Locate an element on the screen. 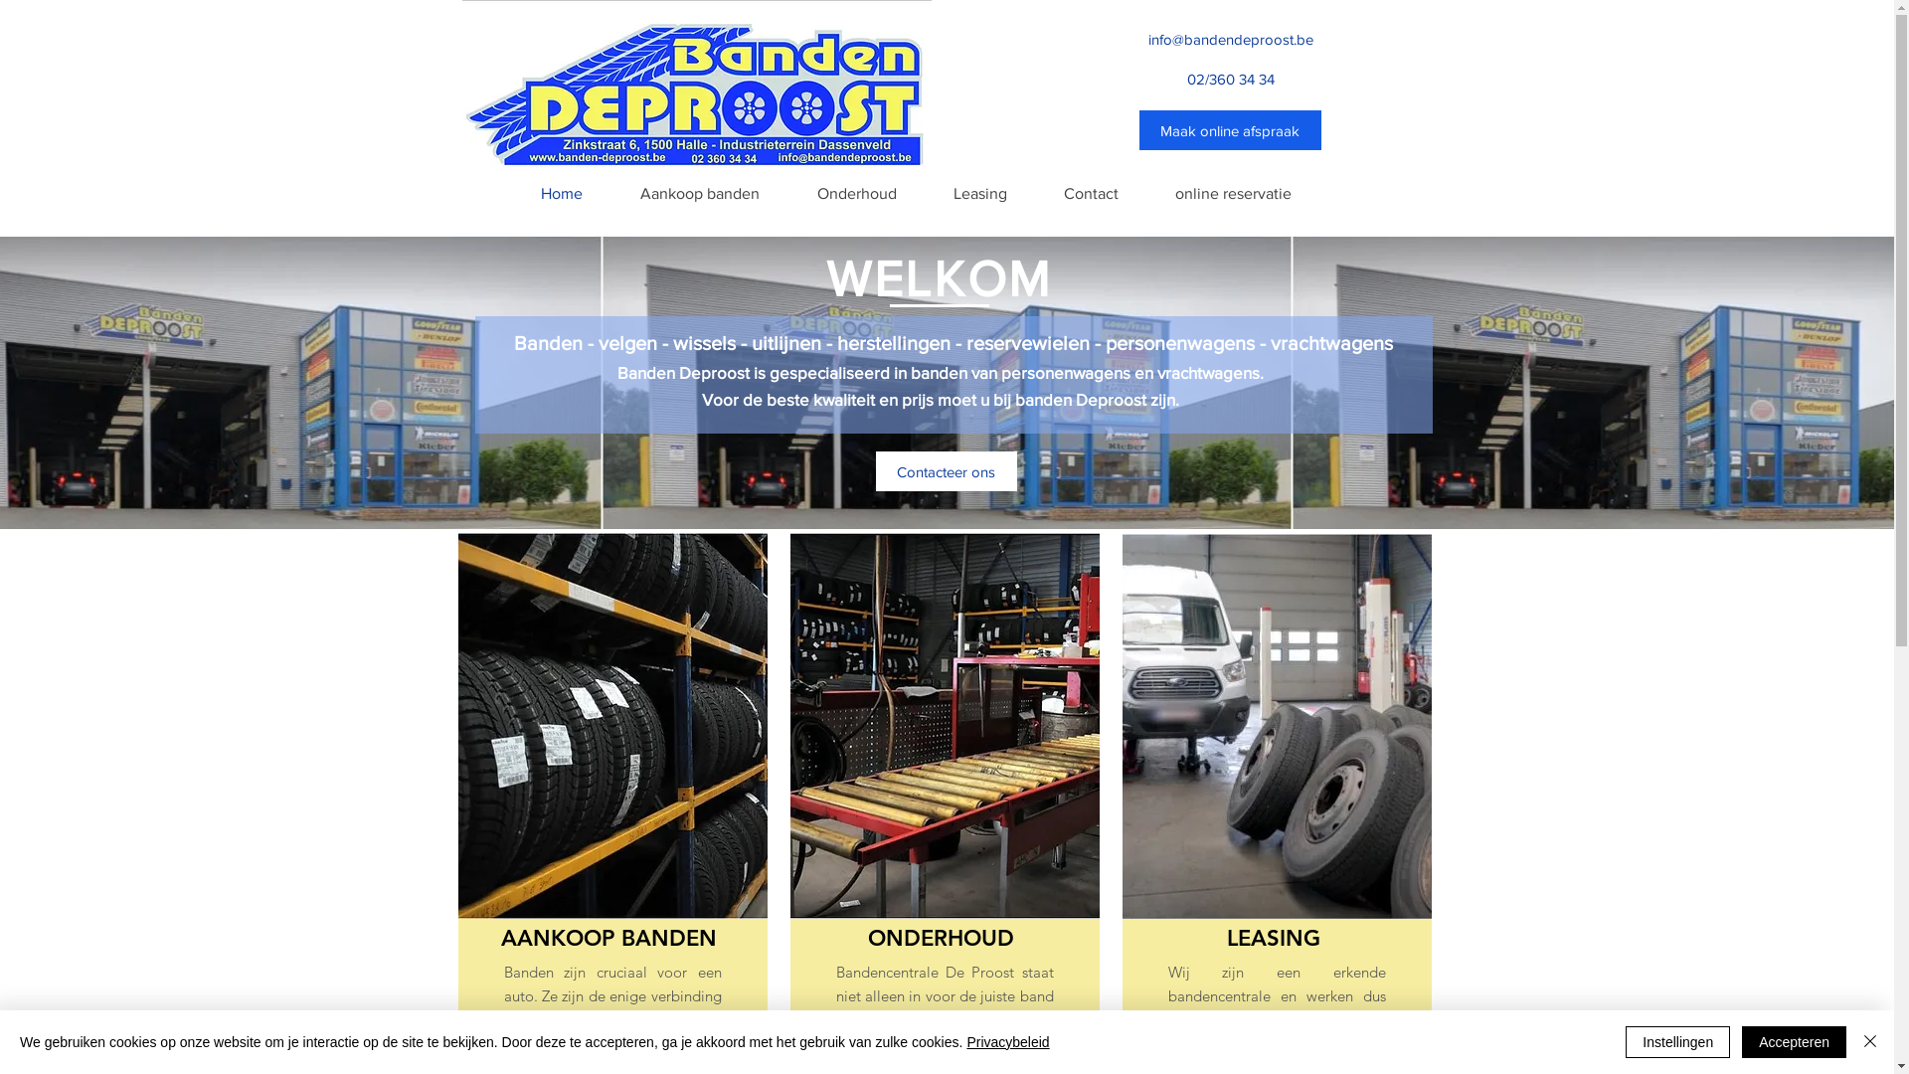 The height and width of the screenshot is (1074, 1909). 'Privacybeleid' is located at coordinates (1007, 1041).